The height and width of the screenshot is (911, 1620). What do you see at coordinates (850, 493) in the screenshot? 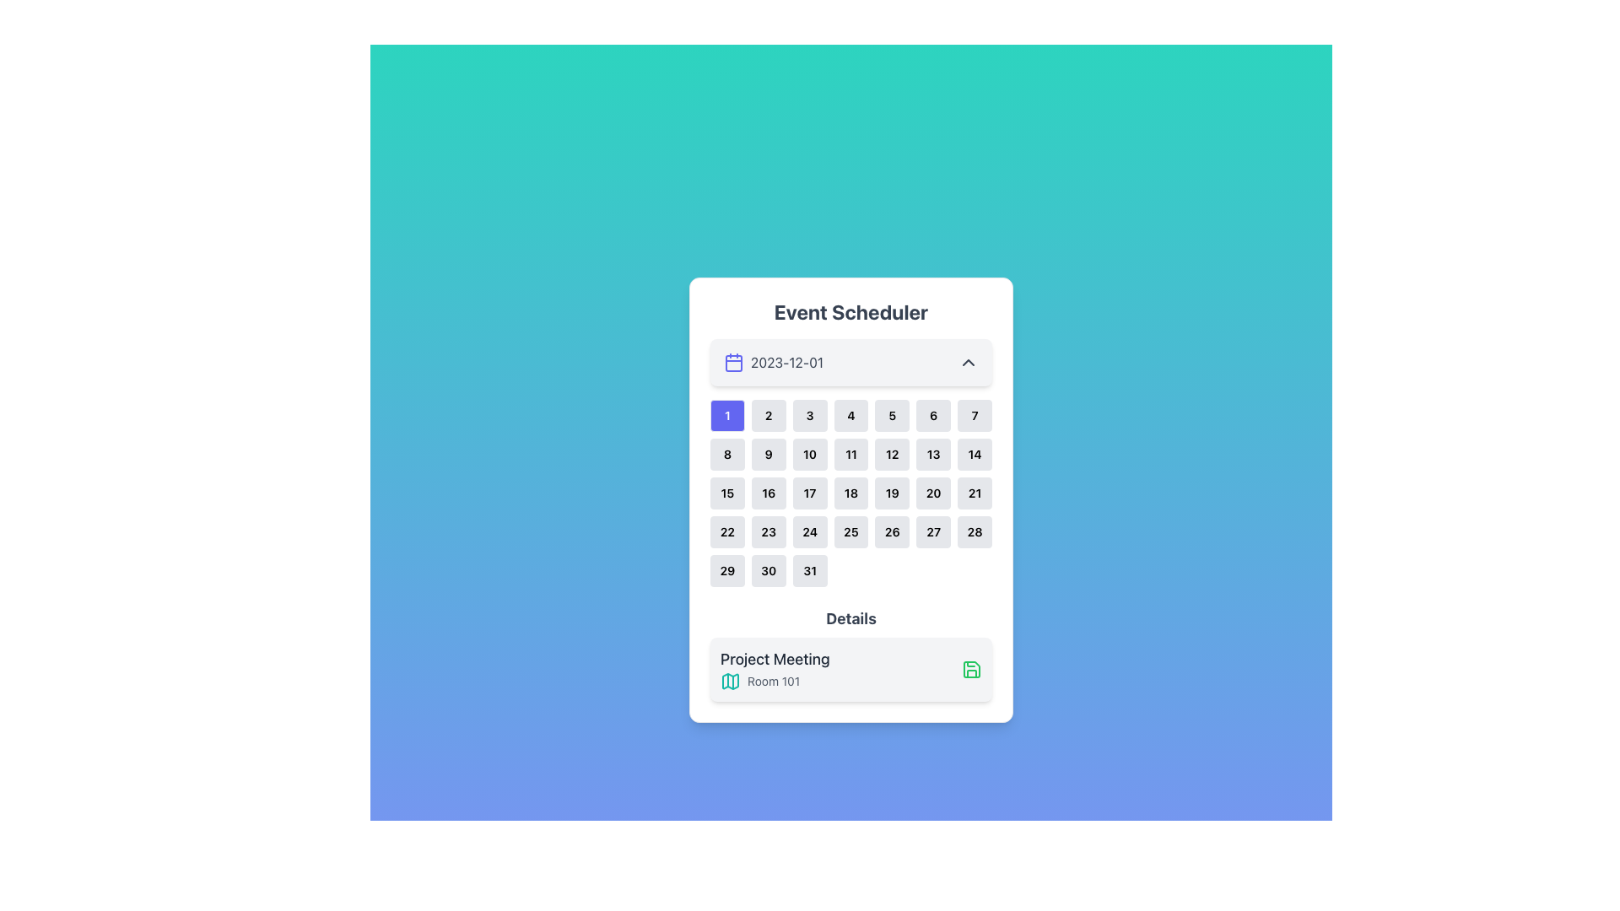
I see `the calendar day selection button labeled '18'` at bounding box center [850, 493].